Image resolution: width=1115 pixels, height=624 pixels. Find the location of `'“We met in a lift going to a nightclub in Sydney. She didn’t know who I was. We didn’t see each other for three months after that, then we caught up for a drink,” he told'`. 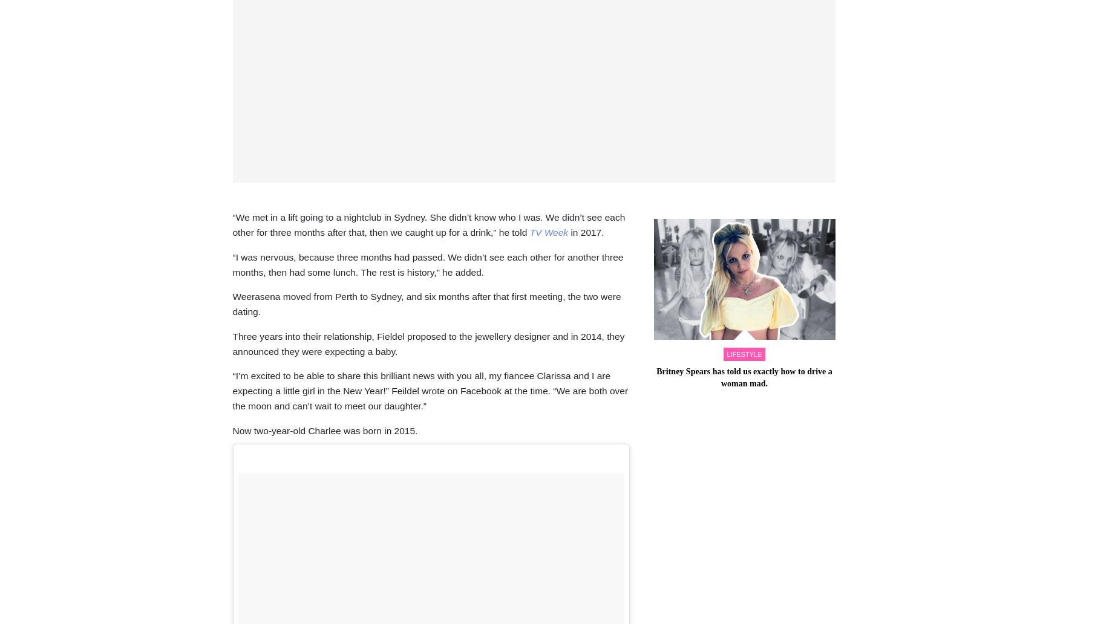

'“We met in a lift going to a nightclub in Sydney. She didn’t know who I was. We didn’t see each other for three months after that, then we caught up for a drink,” he told' is located at coordinates (428, 225).